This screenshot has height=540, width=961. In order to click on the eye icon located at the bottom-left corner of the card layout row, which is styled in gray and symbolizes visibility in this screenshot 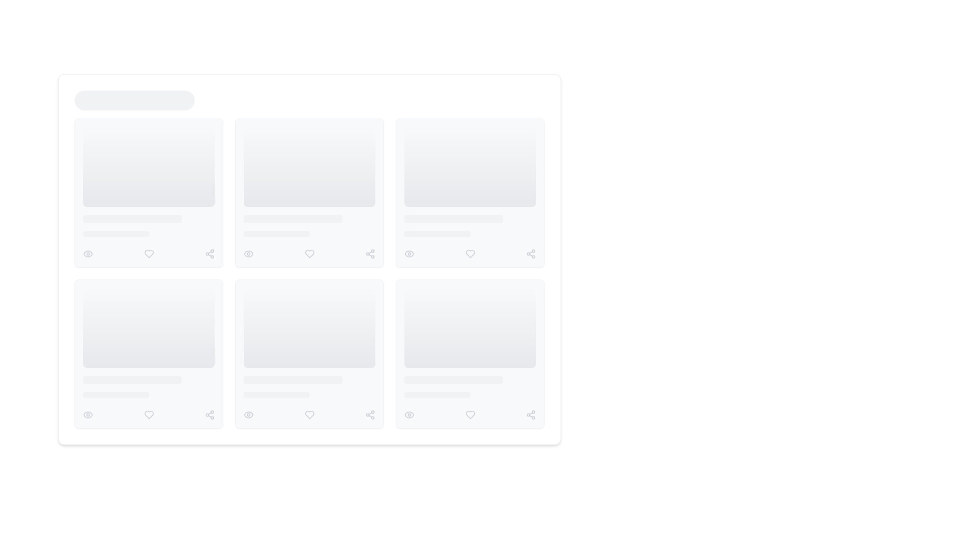, I will do `click(88, 253)`.